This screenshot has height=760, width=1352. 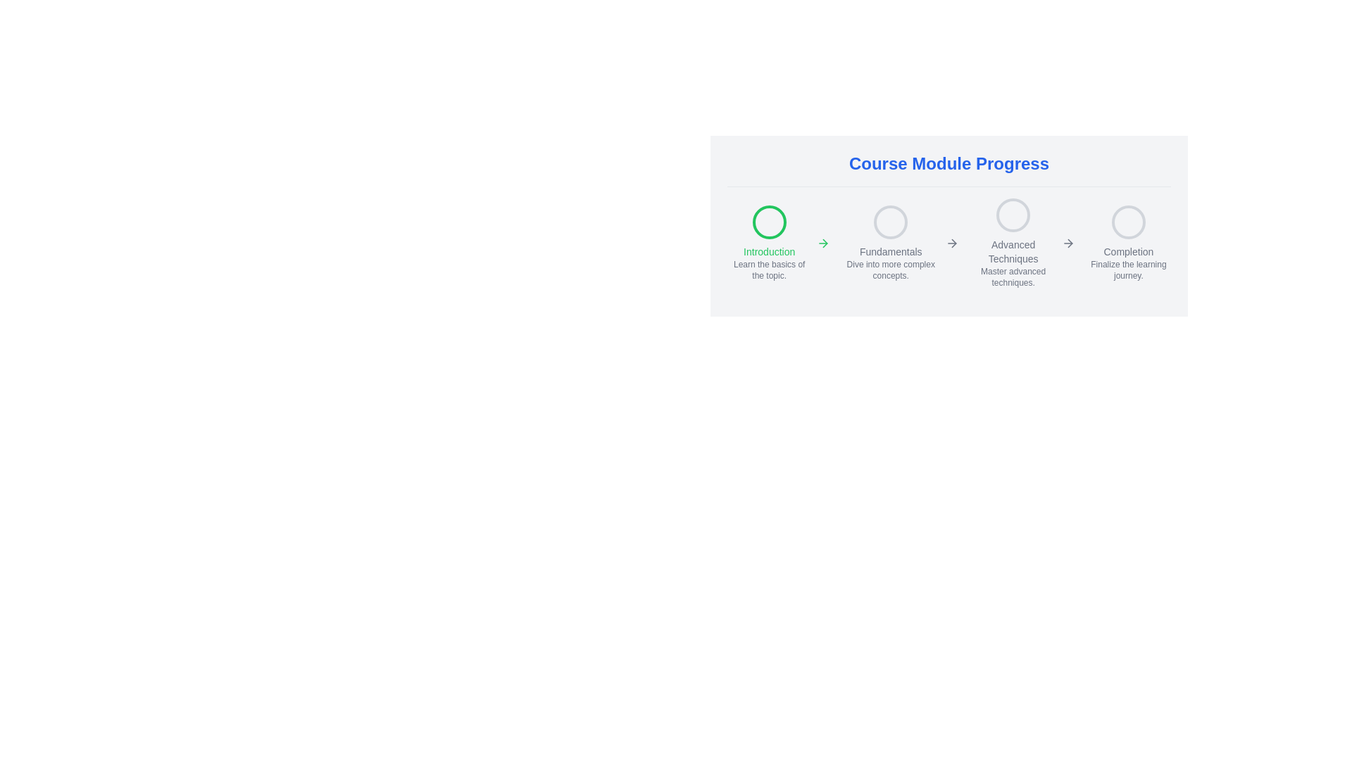 I want to click on the 'Advanced Techniques' composite component that includes an icon, heading, and description text, so click(x=1013, y=243).